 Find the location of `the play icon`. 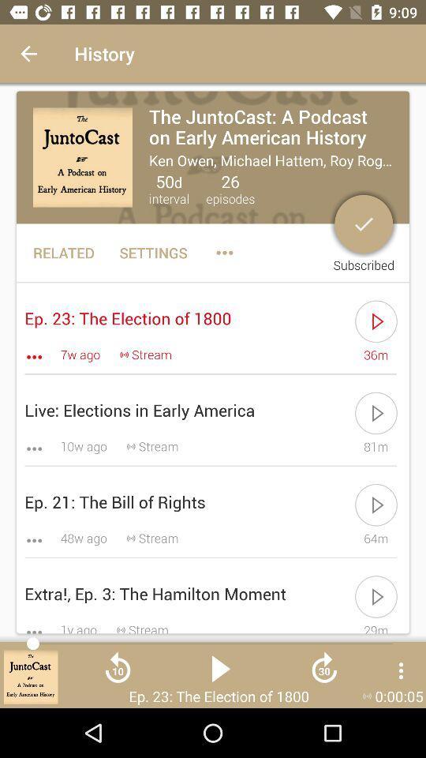

the play icon is located at coordinates (220, 674).